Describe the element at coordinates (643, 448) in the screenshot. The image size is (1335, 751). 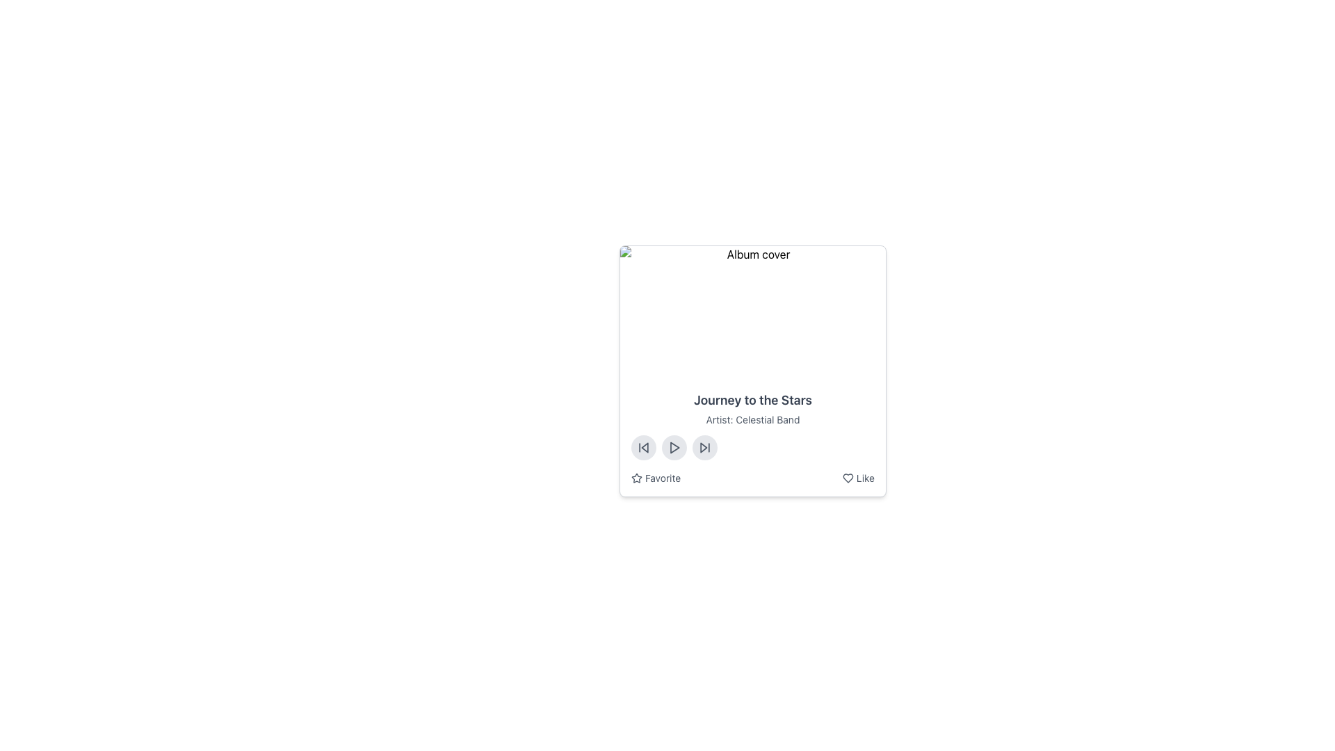
I see `the skip-backward button, which is the first button in a horizontal sequence of three buttons located below the song title and artist section` at that location.